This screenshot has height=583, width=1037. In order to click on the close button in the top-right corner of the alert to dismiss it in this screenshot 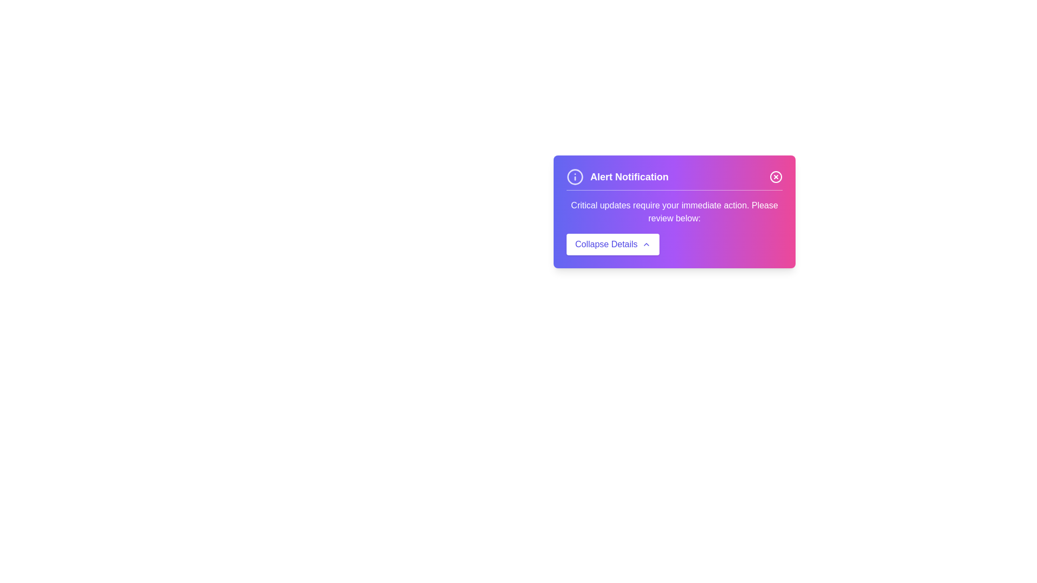, I will do `click(775, 176)`.